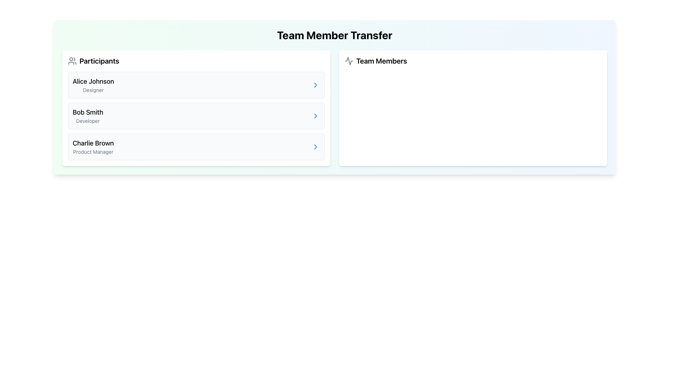 The image size is (691, 388). Describe the element at coordinates (316, 116) in the screenshot. I see `the right-pointing chevron icon in the second row of the 'Participants' section for navigation` at that location.